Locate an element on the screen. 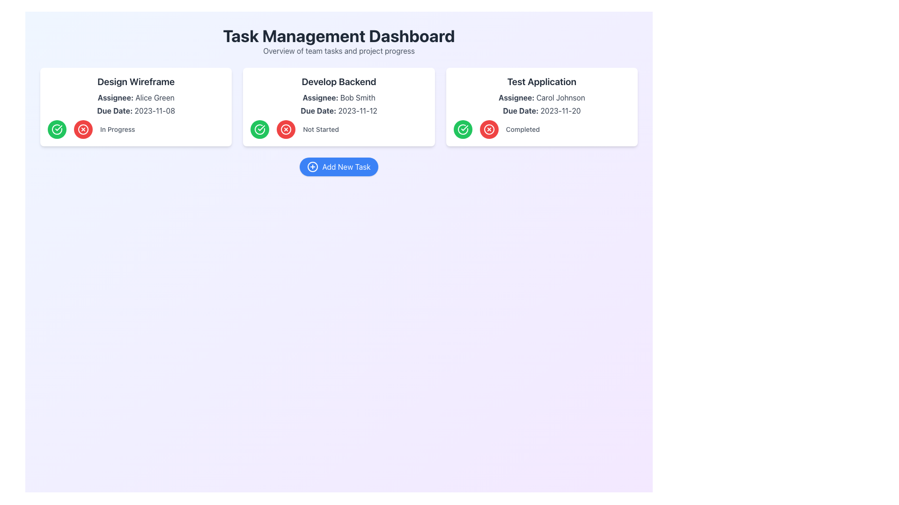 This screenshot has height=505, width=899. the red circular button with a white 'X' icon located to the right of the green circular button in the middle task card labeled 'Develop Backend' is located at coordinates (286, 130).